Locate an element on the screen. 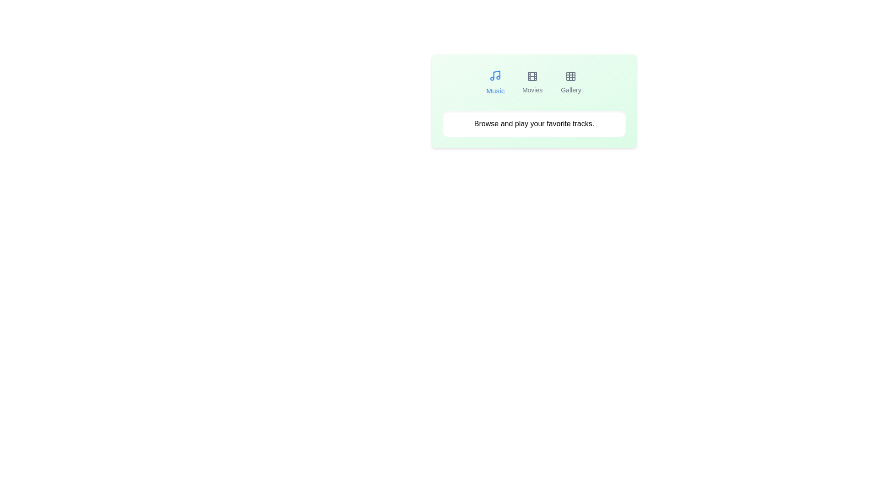 This screenshot has height=494, width=879. the tab button labeled Music is located at coordinates (494, 83).